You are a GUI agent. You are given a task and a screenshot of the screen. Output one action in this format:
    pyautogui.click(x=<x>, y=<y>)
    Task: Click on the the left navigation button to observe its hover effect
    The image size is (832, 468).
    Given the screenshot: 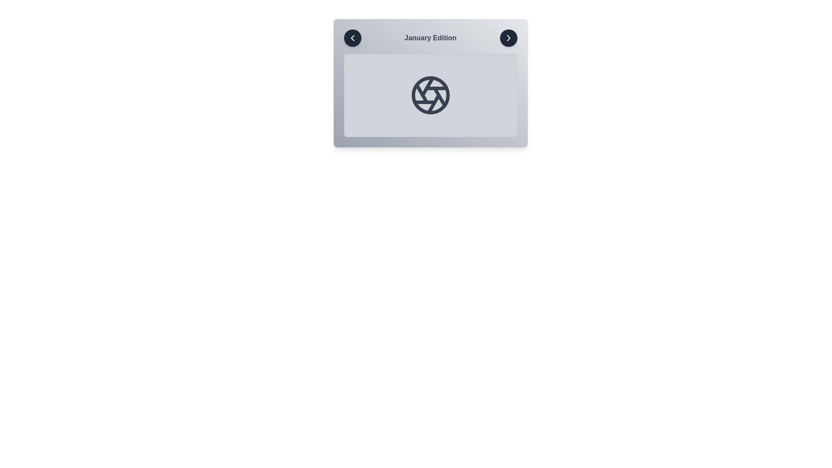 What is the action you would take?
    pyautogui.click(x=352, y=38)
    